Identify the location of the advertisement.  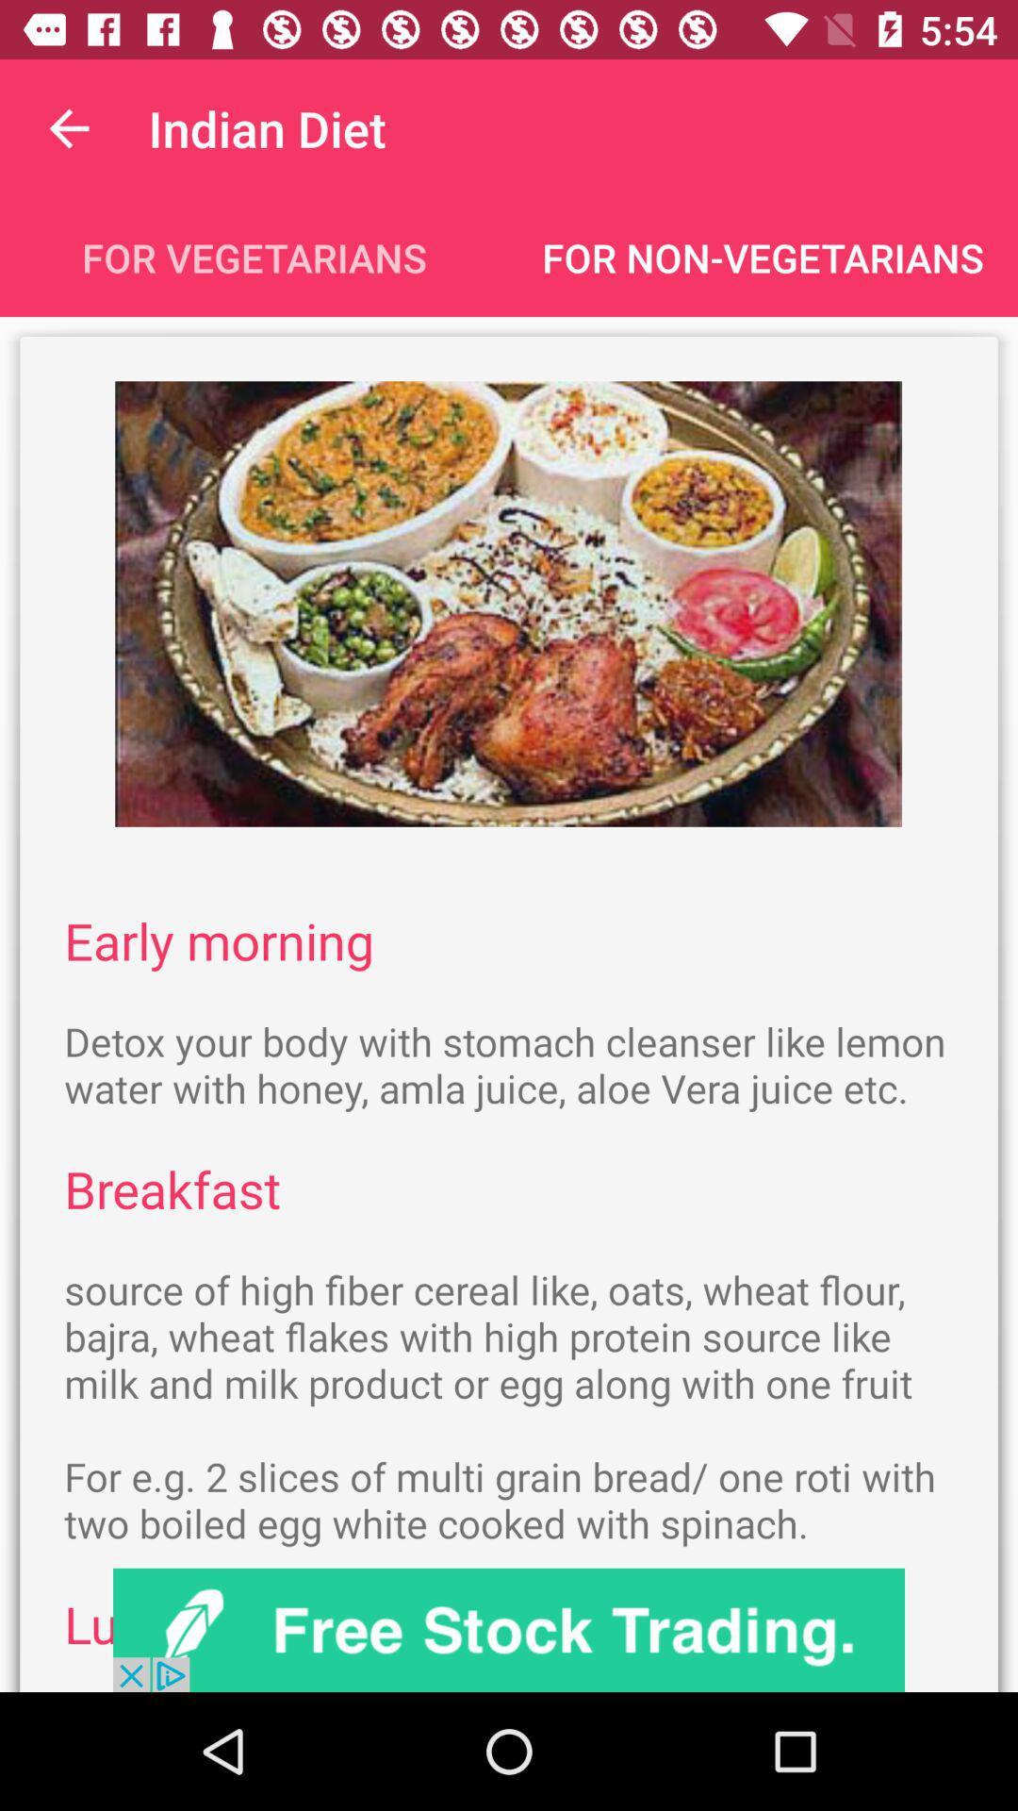
(509, 1629).